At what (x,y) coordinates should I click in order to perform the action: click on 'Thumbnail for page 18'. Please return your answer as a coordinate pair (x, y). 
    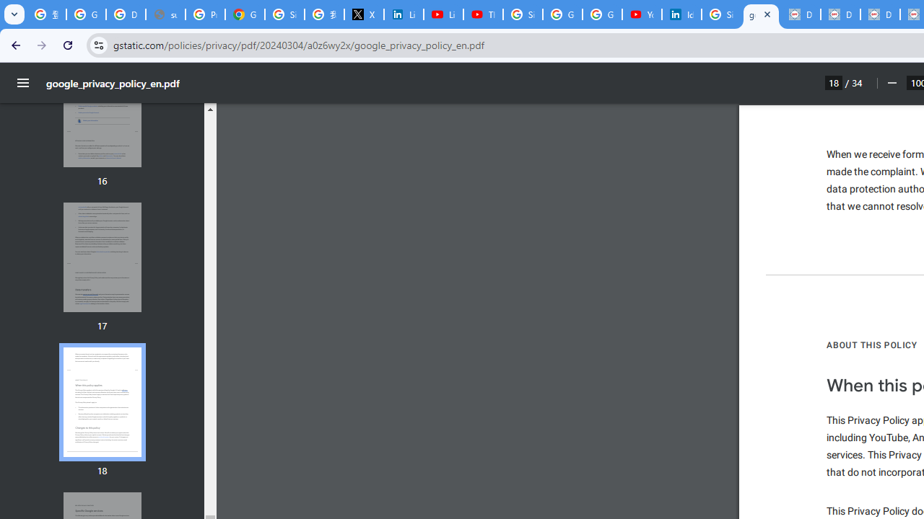
    Looking at the image, I should click on (101, 402).